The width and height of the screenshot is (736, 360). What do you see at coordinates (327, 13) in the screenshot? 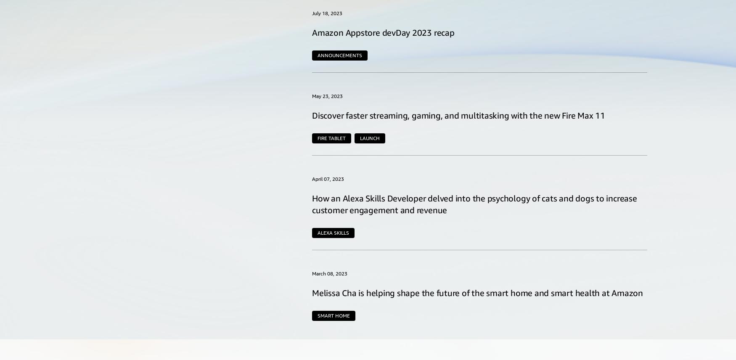
I see `'July 18, 2023'` at bounding box center [327, 13].